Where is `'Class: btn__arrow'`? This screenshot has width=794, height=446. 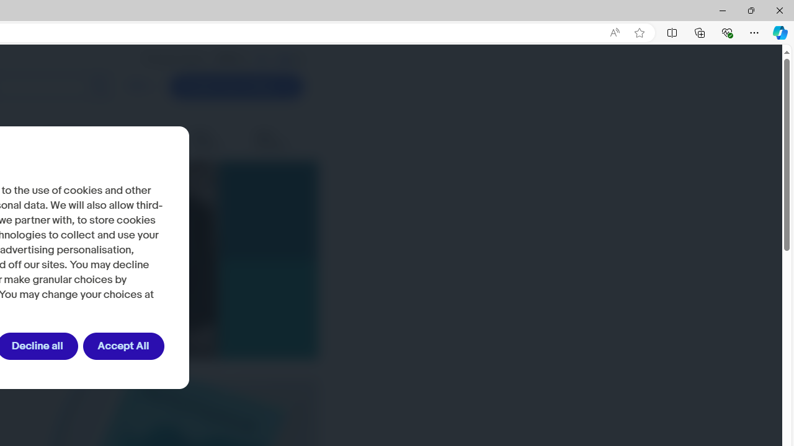
'Class: btn__arrow' is located at coordinates (285, 86).